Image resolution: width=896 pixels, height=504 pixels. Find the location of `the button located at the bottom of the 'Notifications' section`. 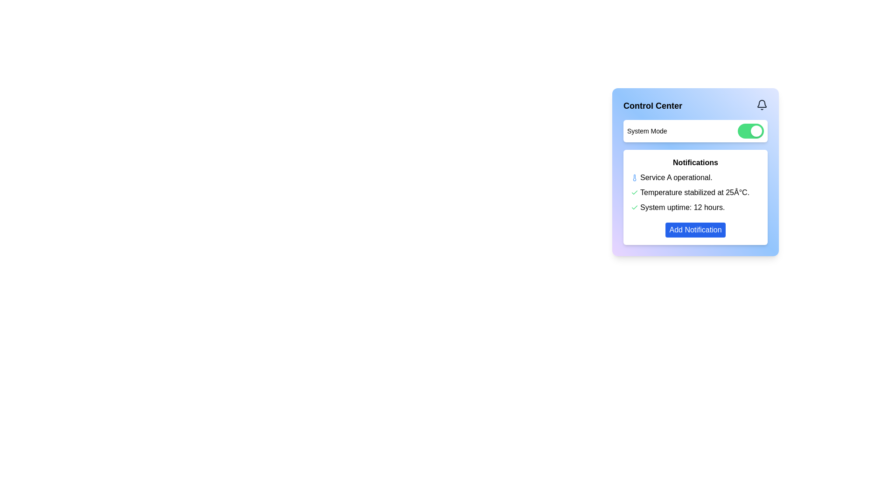

the button located at the bottom of the 'Notifications' section is located at coordinates (695, 230).